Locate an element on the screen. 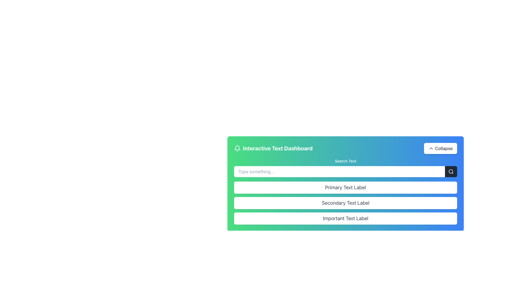  the static label that provides descriptive information, positioned as the second item in a vertical group of three labels, located below 'Primary Text Label' and above 'Important Text Label' is located at coordinates (345, 203).